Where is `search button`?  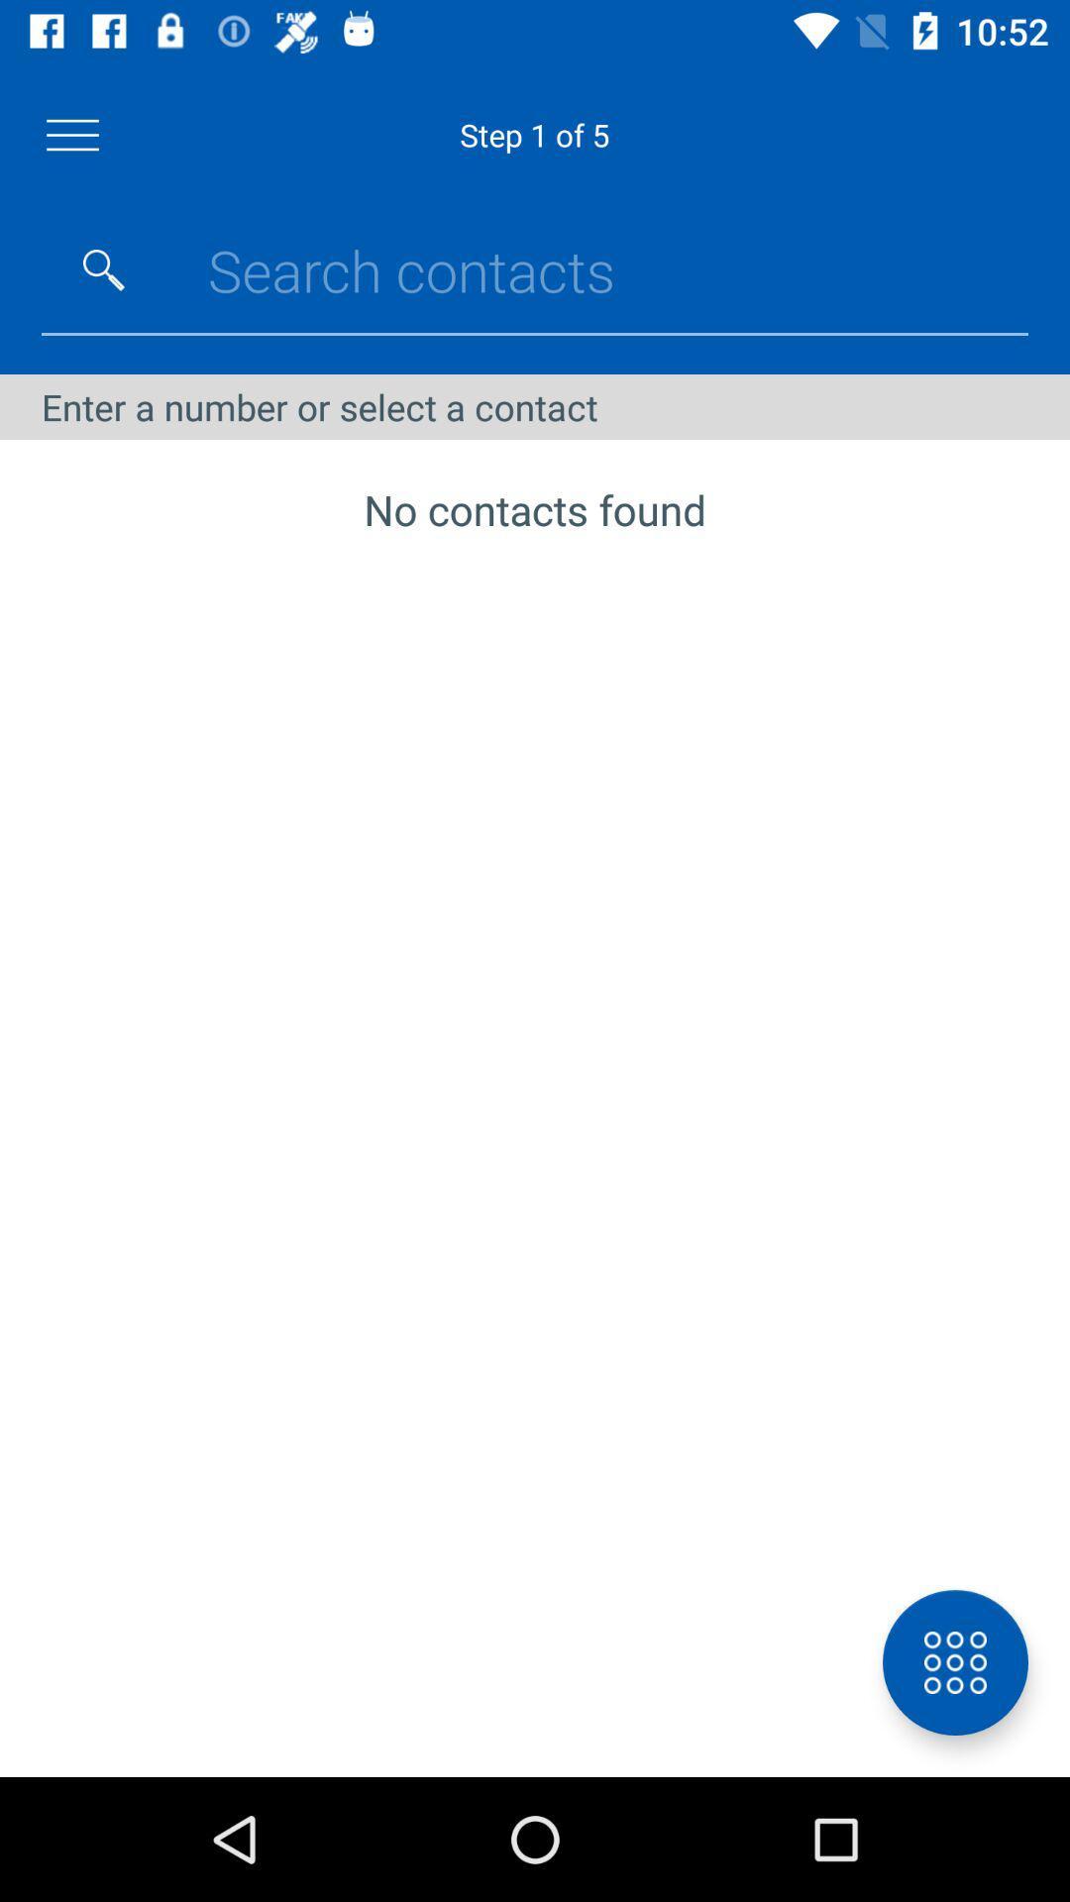 search button is located at coordinates (103, 269).